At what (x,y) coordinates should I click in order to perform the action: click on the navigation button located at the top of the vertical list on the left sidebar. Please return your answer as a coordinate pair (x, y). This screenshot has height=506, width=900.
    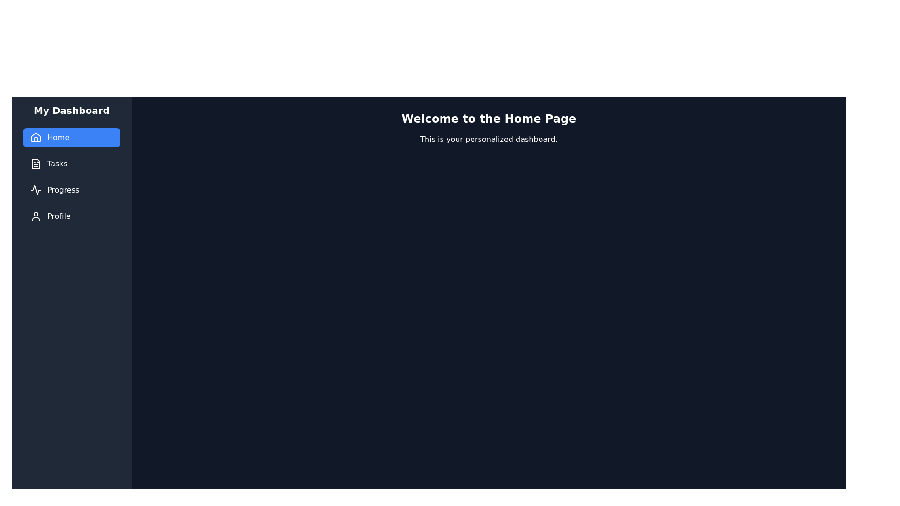
    Looking at the image, I should click on (71, 137).